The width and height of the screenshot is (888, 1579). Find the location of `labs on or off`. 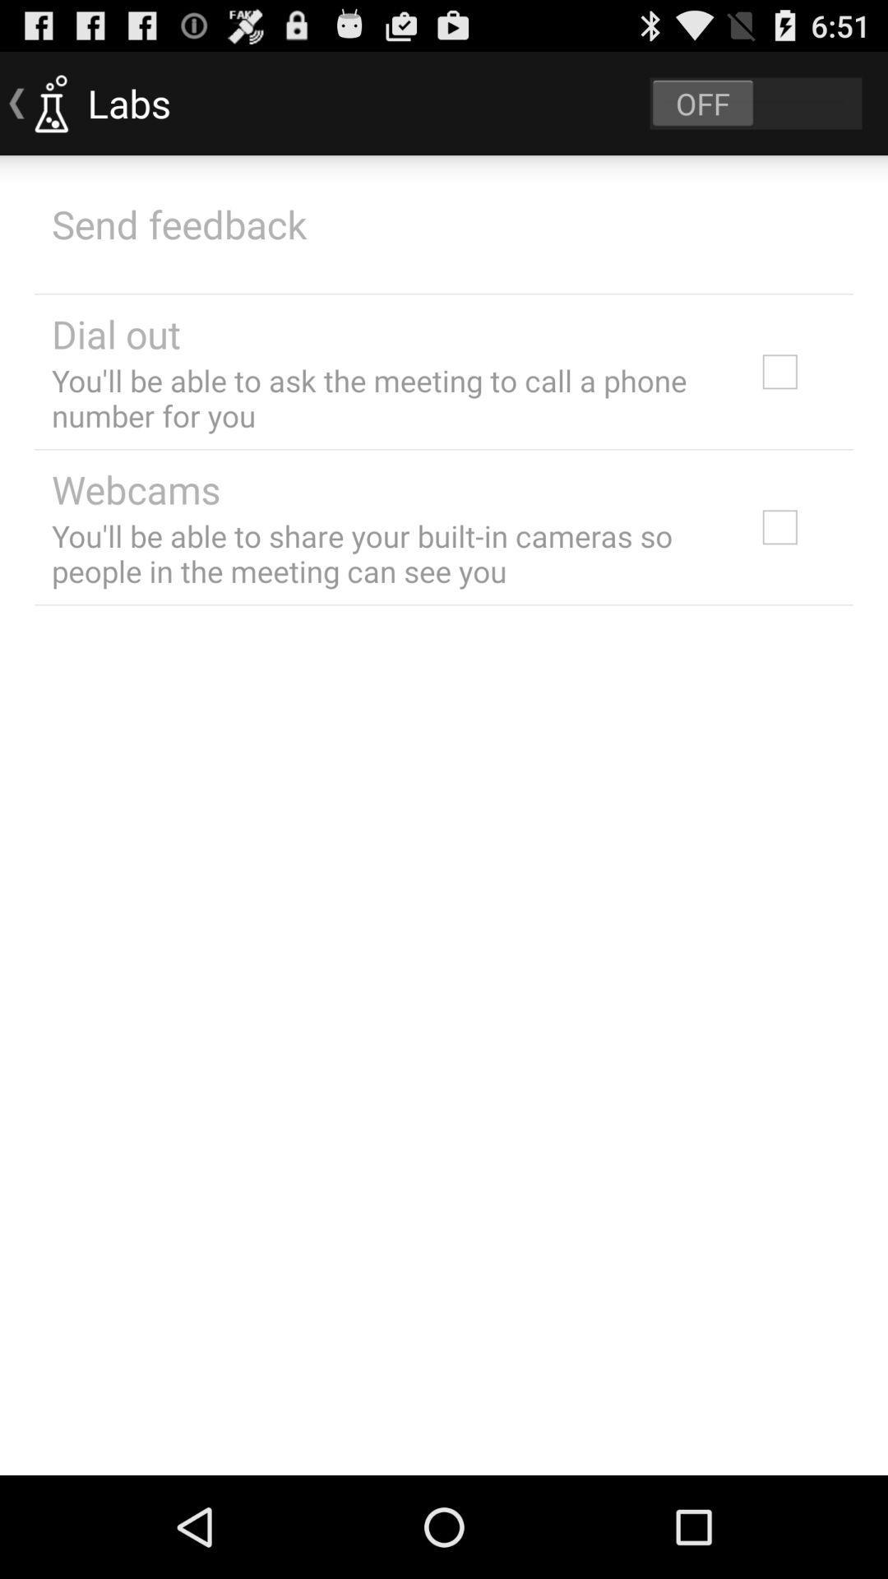

labs on or off is located at coordinates (756, 102).